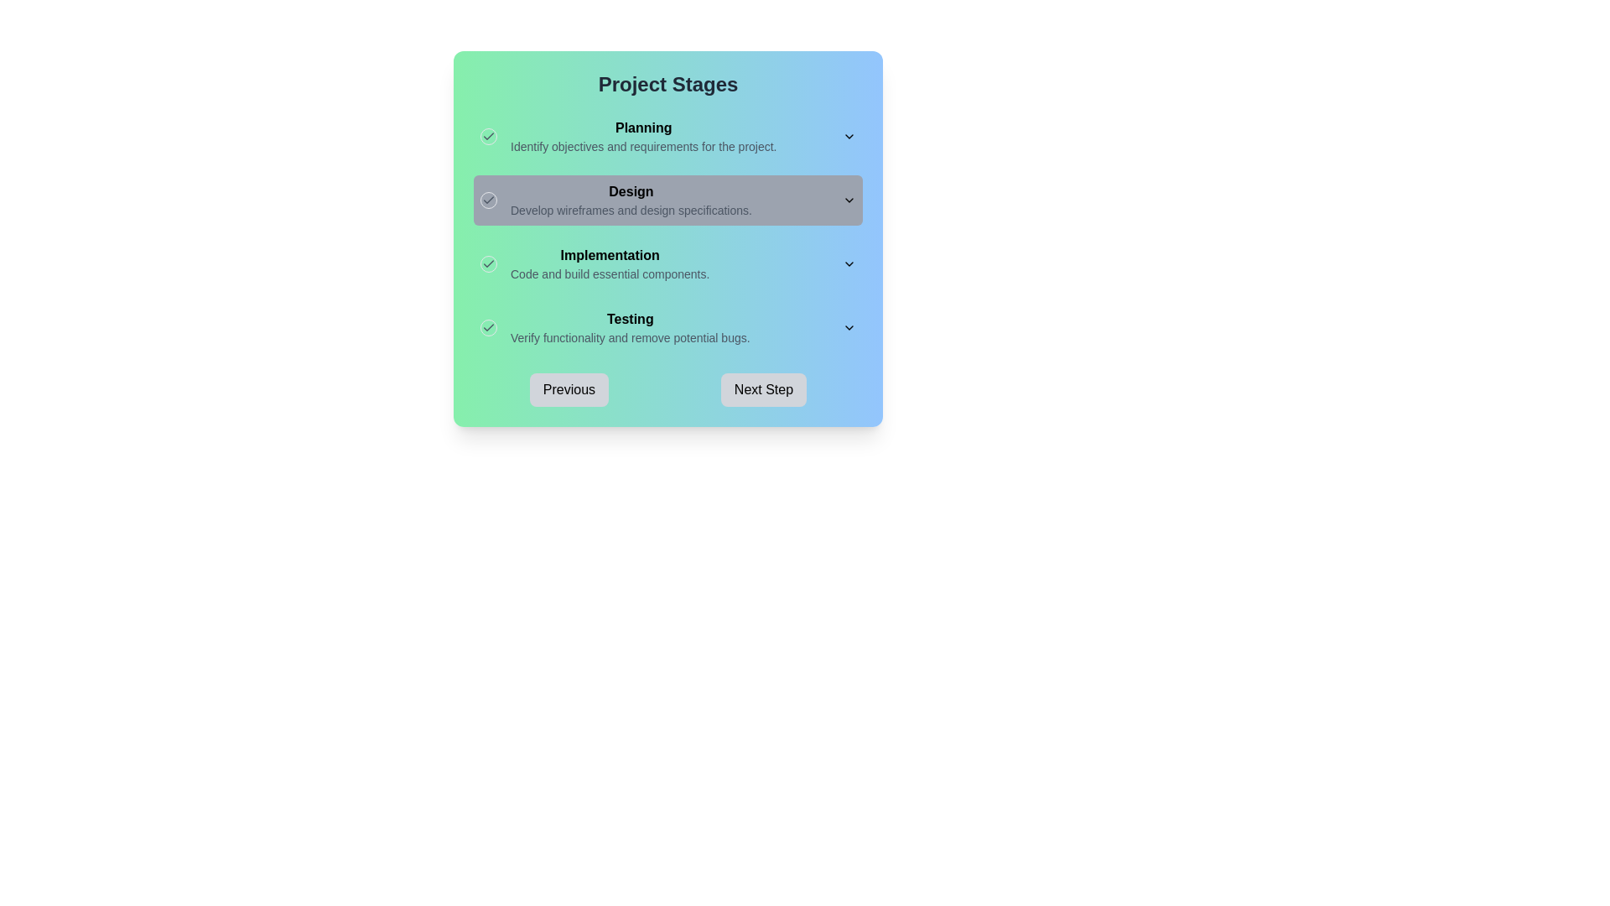  What do you see at coordinates (667, 264) in the screenshot?
I see `the downward arrow icon on the third list item titled 'Implementation'` at bounding box center [667, 264].